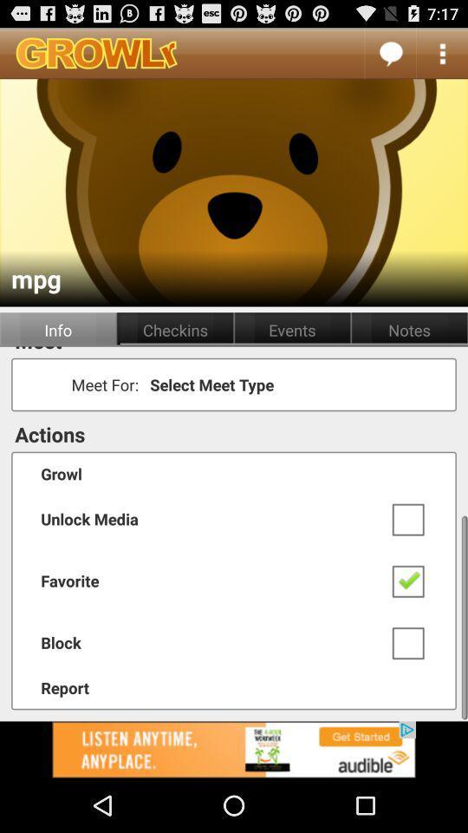  Describe the element at coordinates (390, 56) in the screenshot. I see `the chat icon` at that location.